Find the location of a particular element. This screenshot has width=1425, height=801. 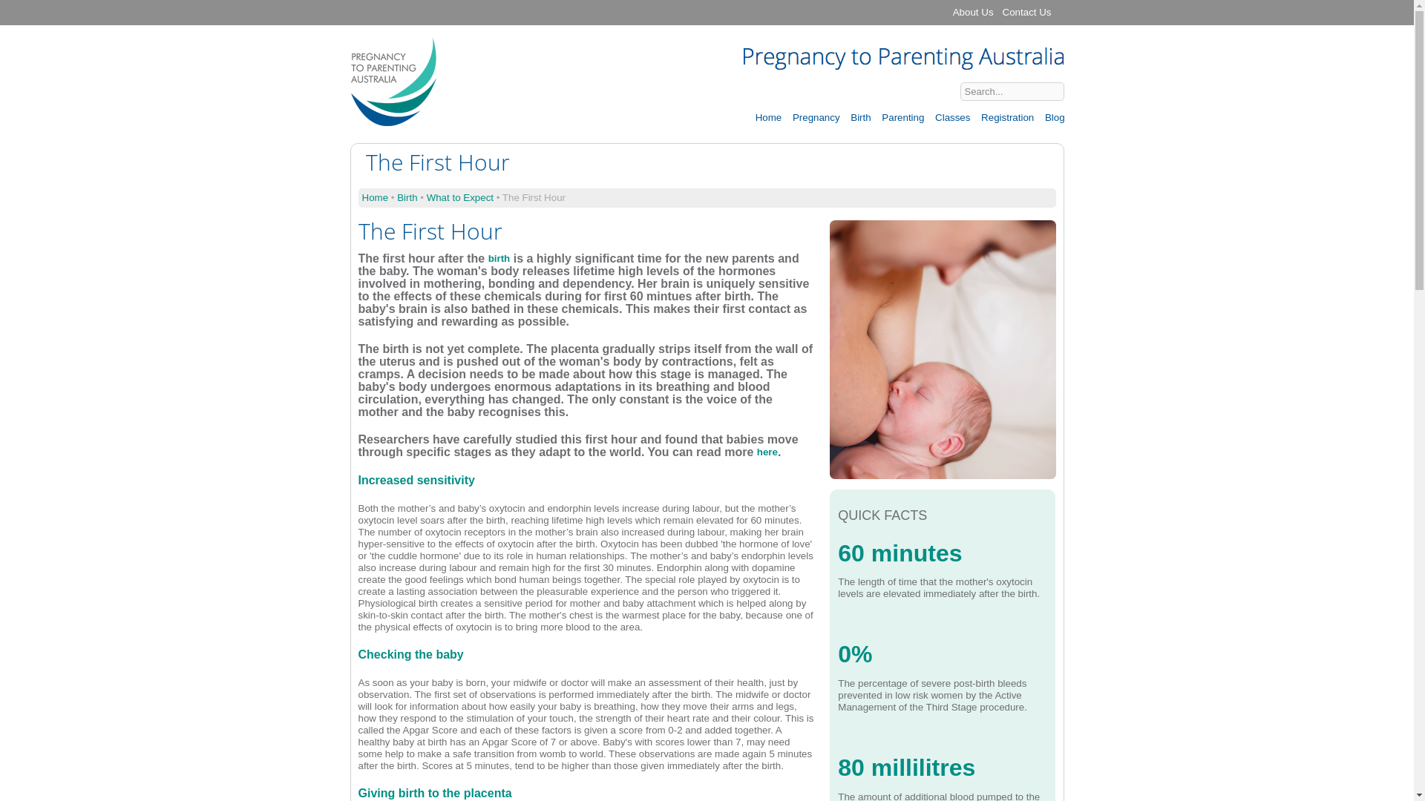

'birth' is located at coordinates (499, 257).